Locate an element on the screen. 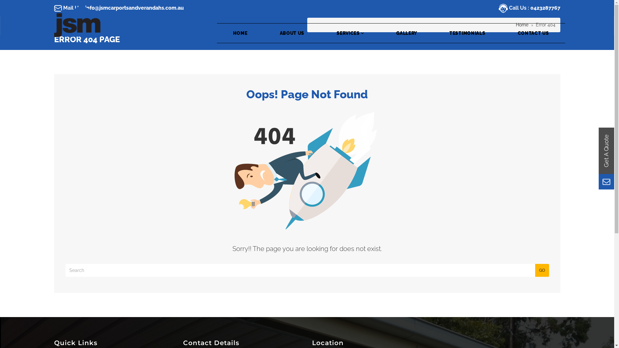 The image size is (619, 348). 'GO' is located at coordinates (542, 270).